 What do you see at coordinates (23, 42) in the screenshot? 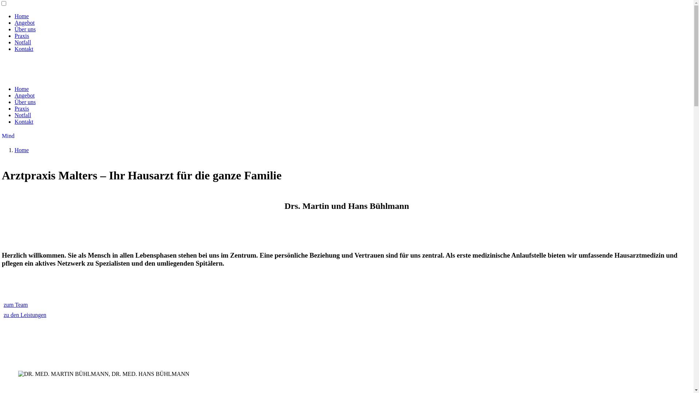
I see `'Notfall'` at bounding box center [23, 42].